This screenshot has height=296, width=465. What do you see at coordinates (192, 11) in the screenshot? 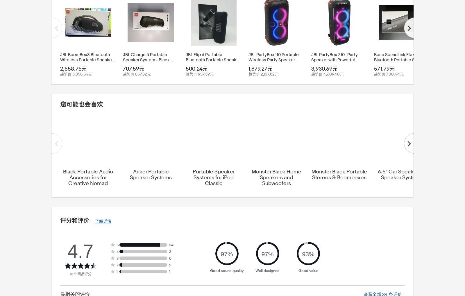
I see `'Black'` at bounding box center [192, 11].